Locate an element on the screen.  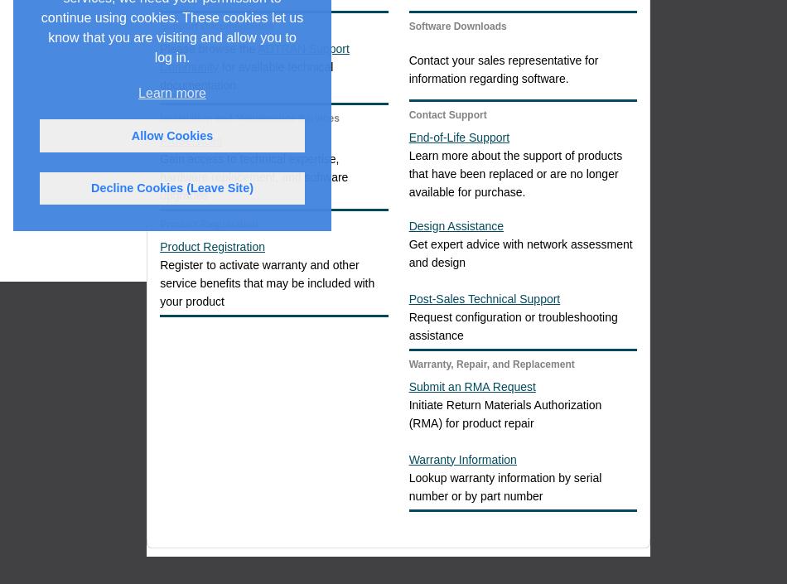
'Submit an RMA Request' is located at coordinates (471, 385).